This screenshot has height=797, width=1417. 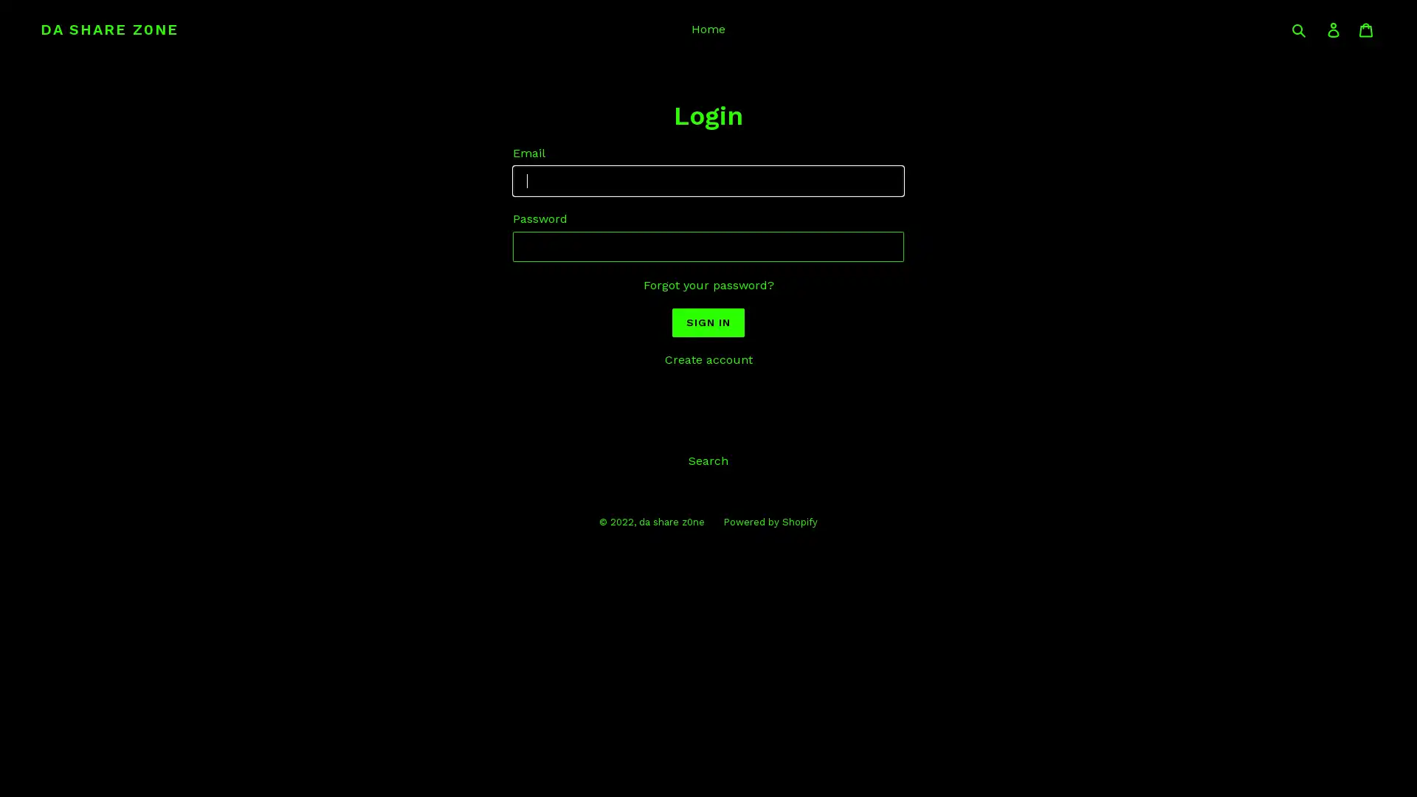 What do you see at coordinates (1300, 29) in the screenshot?
I see `Submit` at bounding box center [1300, 29].